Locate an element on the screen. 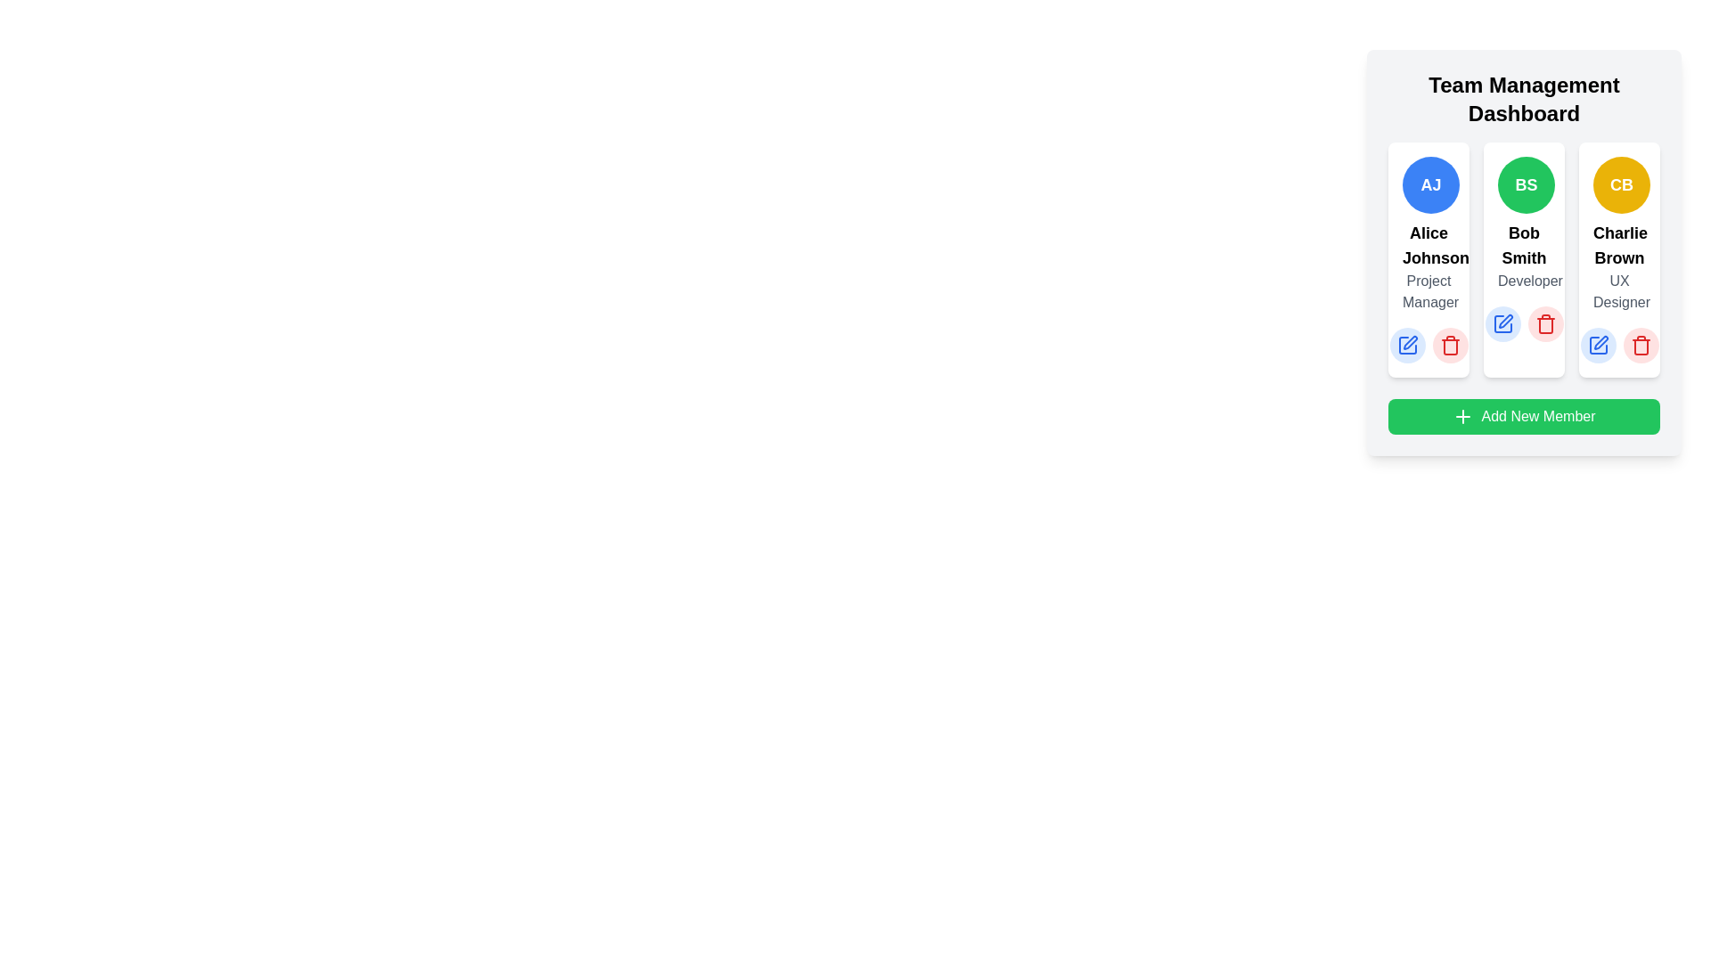 This screenshot has height=962, width=1711. the circular avatar representing team member 'Bob Smith' with initials 'BS' in the Team Management Dashboard is located at coordinates (1526, 185).